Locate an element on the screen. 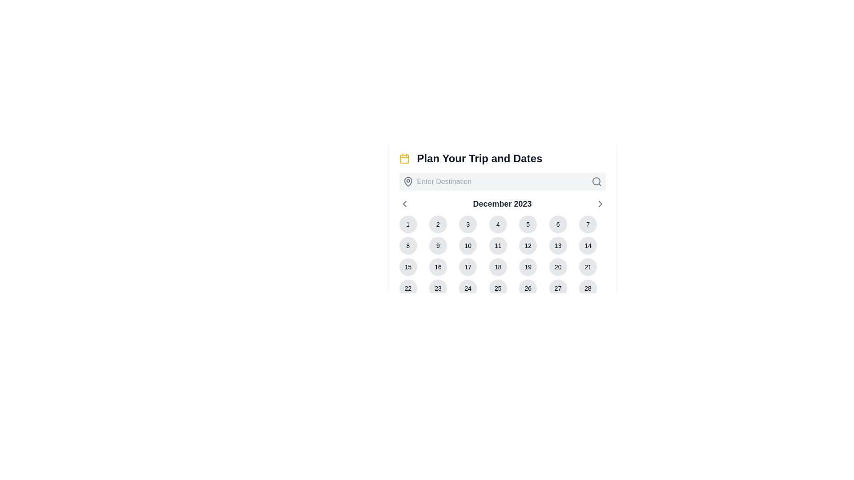 The image size is (854, 480). the navigation button located to the right of the text labeled 'December 2023' is located at coordinates (600, 204).